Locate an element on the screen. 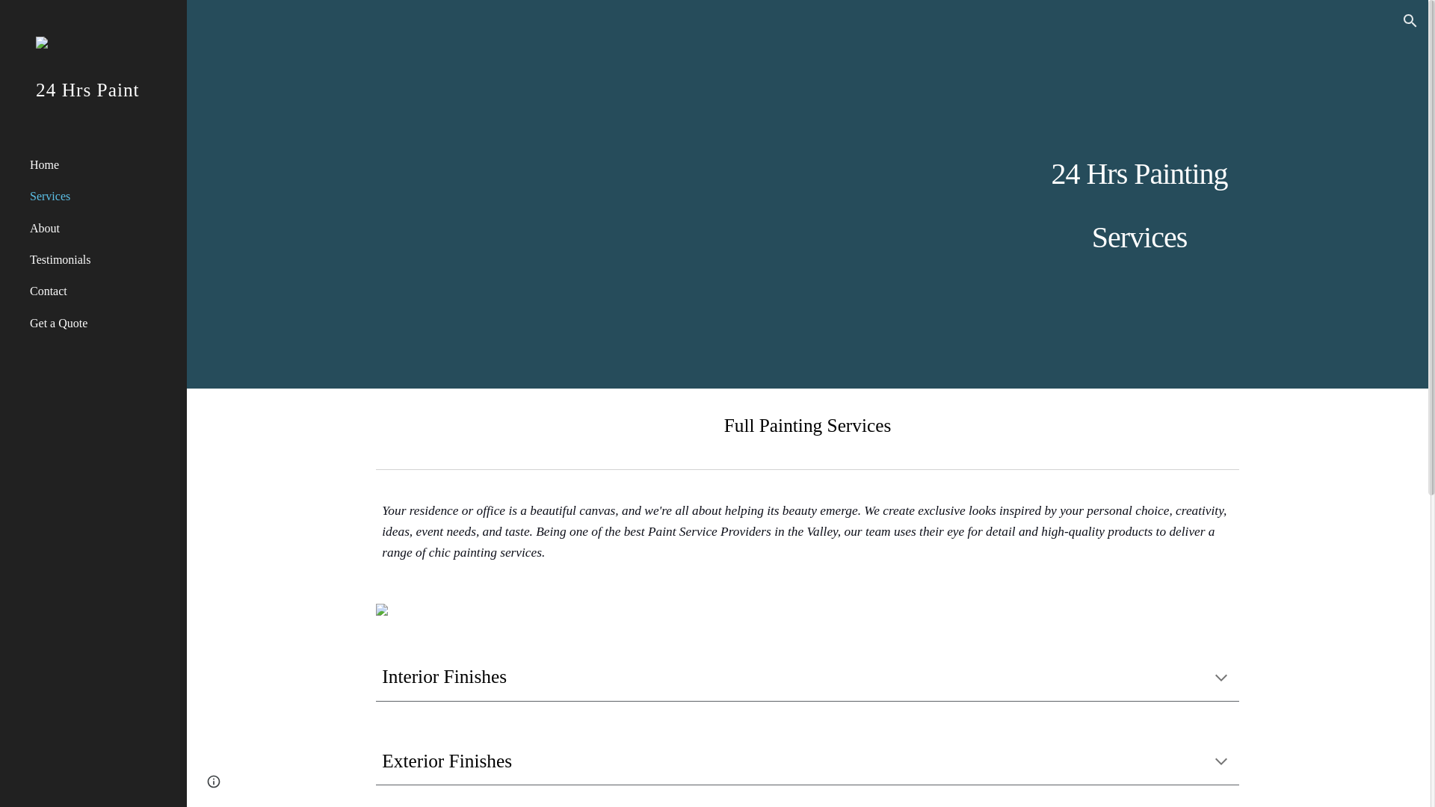 This screenshot has height=807, width=1435. 'About' is located at coordinates (102, 227).